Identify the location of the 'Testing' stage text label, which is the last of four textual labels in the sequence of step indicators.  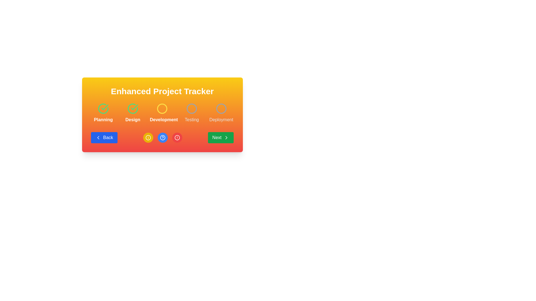
(192, 119).